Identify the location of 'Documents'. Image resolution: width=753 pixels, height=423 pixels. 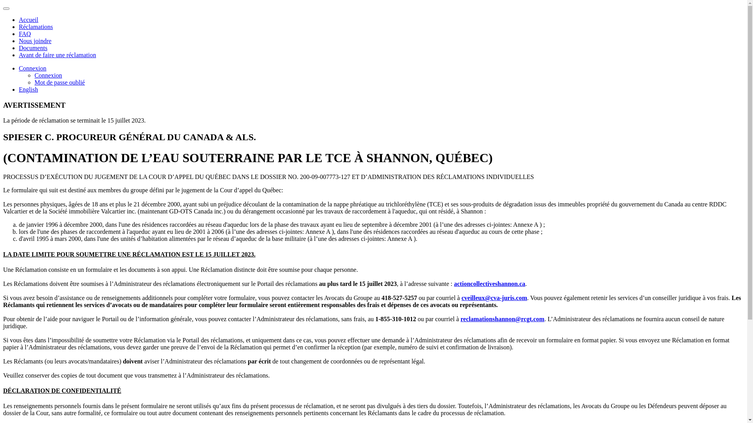
(33, 48).